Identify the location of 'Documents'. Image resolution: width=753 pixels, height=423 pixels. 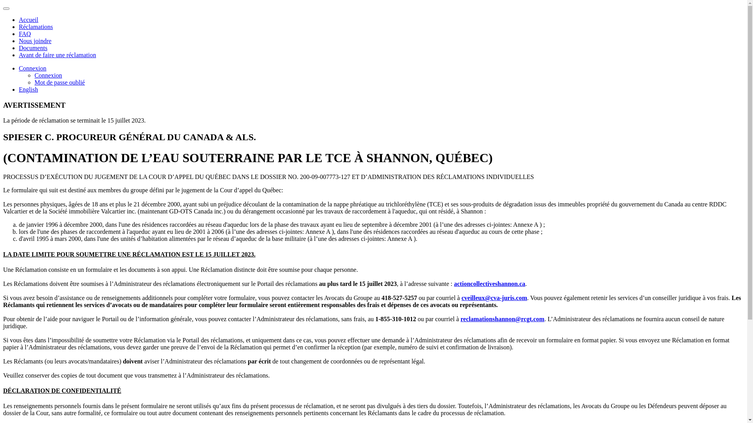
(33, 48).